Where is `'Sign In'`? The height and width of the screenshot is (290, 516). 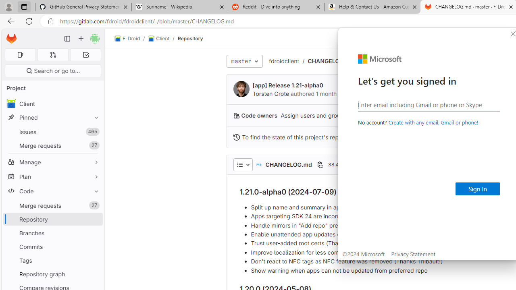
'Sign In' is located at coordinates (478, 189).